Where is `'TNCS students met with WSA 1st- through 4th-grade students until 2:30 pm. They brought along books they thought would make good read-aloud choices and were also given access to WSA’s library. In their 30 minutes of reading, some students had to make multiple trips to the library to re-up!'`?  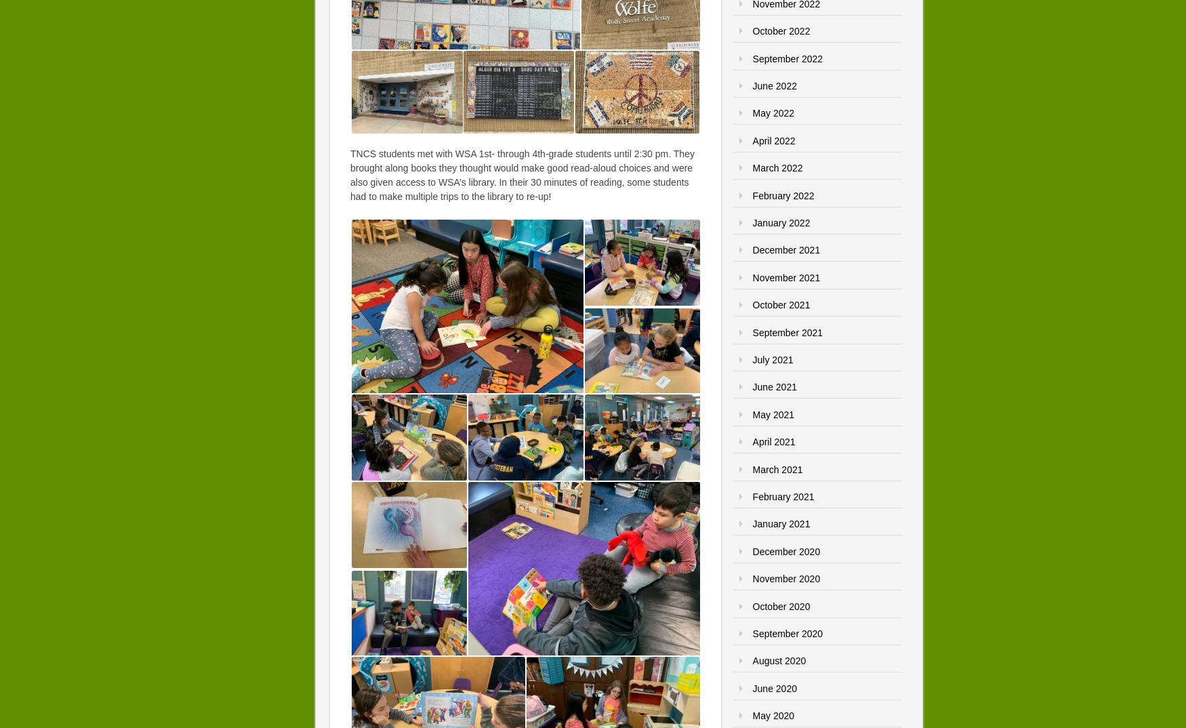 'TNCS students met with WSA 1st- through 4th-grade students until 2:30 pm. They brought along books they thought would make good read-aloud choices and were also given access to WSA’s library. In their 30 minutes of reading, some students had to make multiple trips to the library to re-up!' is located at coordinates (521, 174).